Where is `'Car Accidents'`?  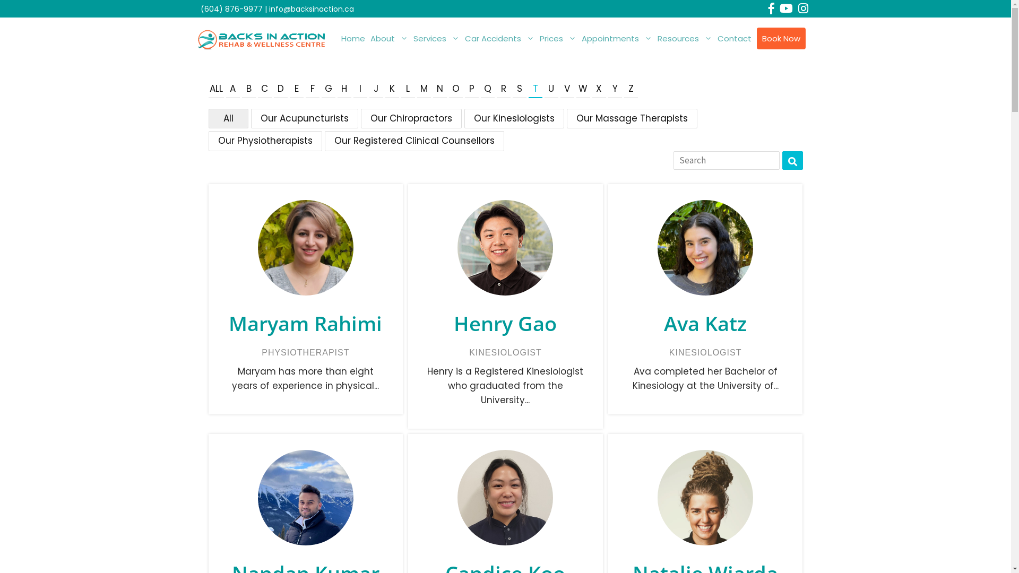 'Car Accidents' is located at coordinates (461, 38).